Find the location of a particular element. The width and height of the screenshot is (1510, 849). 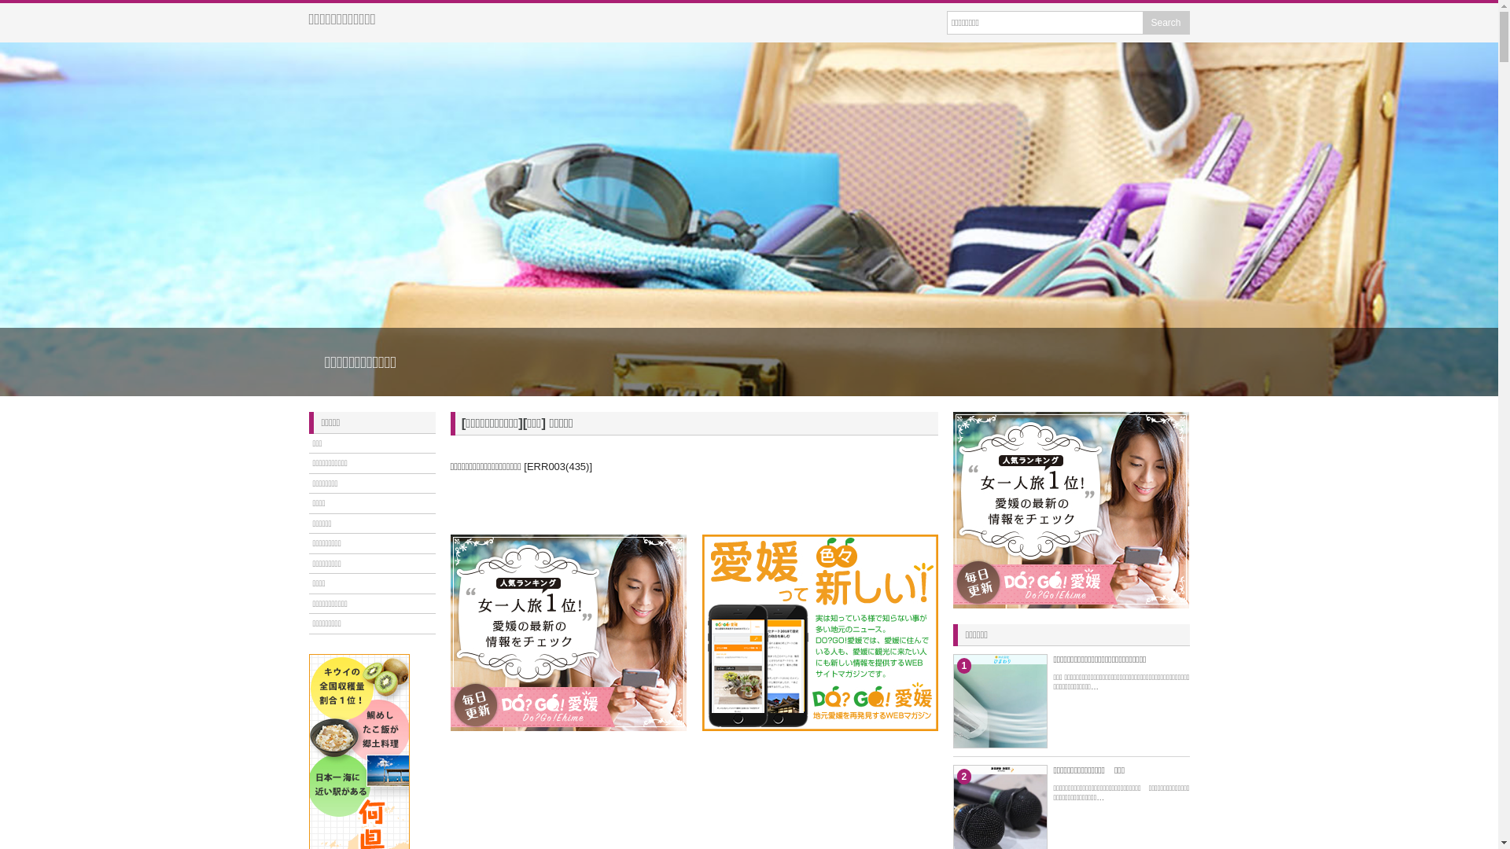

'Search' is located at coordinates (1166, 23).